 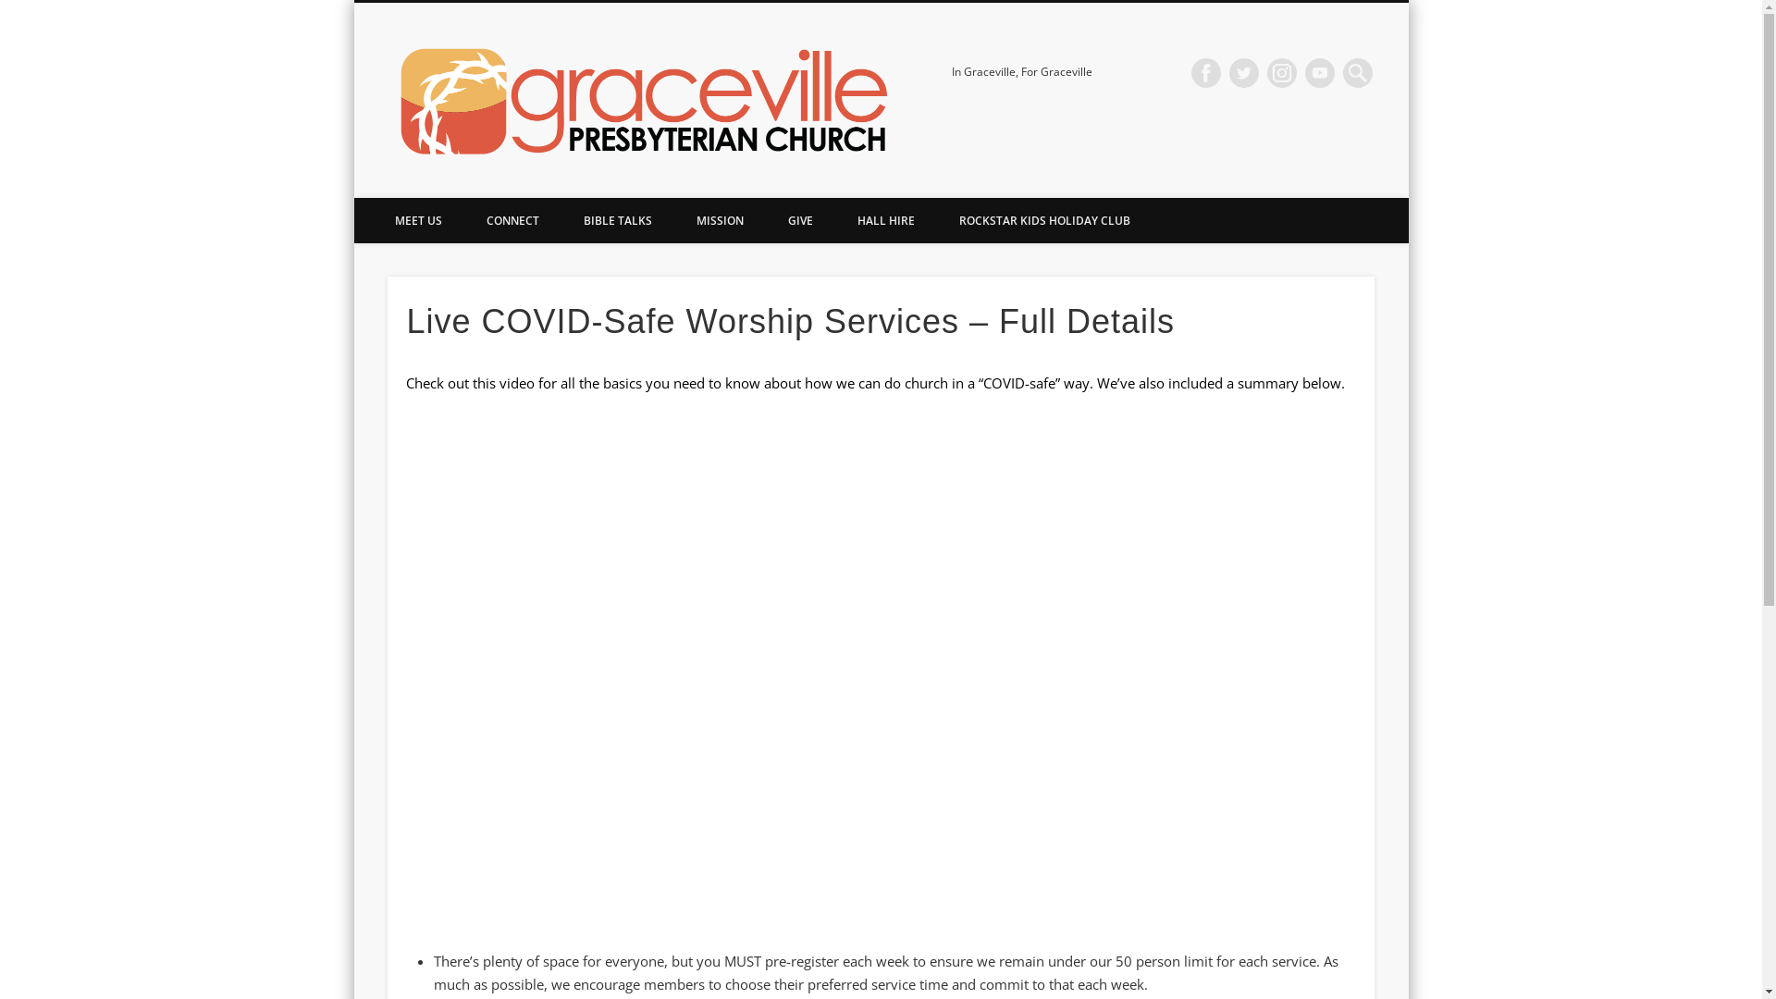 I want to click on 'MISSION', so click(x=718, y=219).